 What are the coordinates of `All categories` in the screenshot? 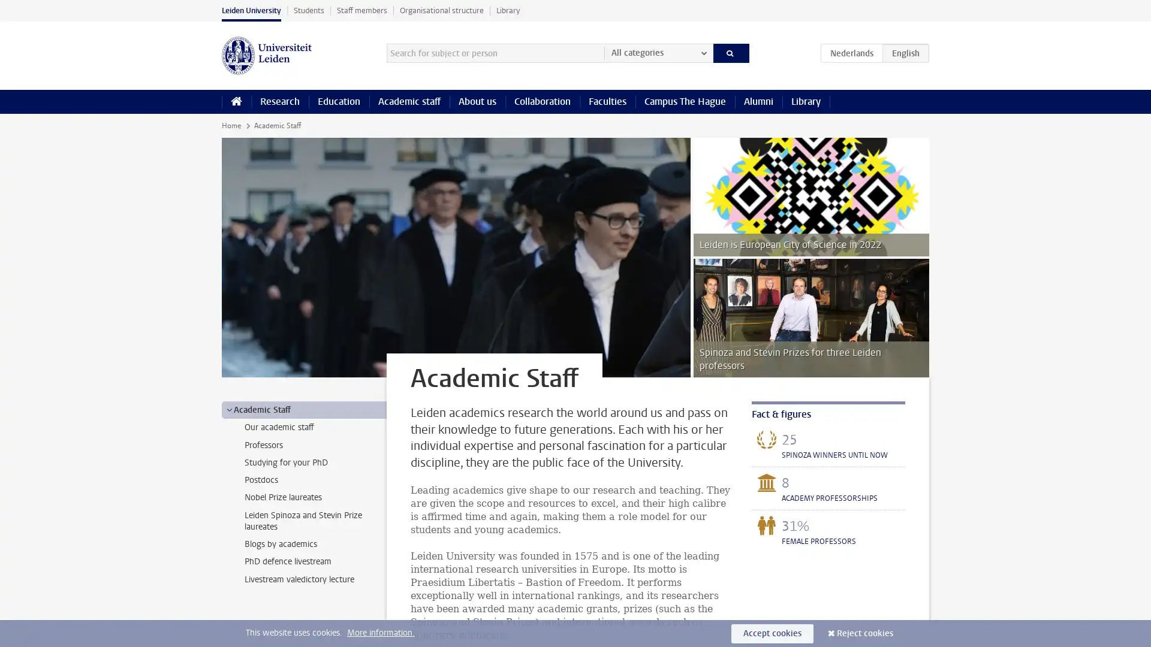 It's located at (658, 52).